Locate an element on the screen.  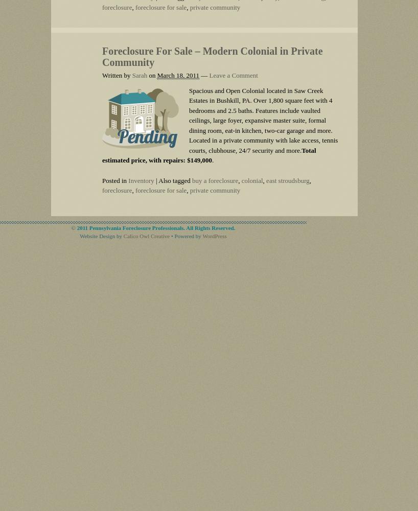
'Posted in' is located at coordinates (102, 179).